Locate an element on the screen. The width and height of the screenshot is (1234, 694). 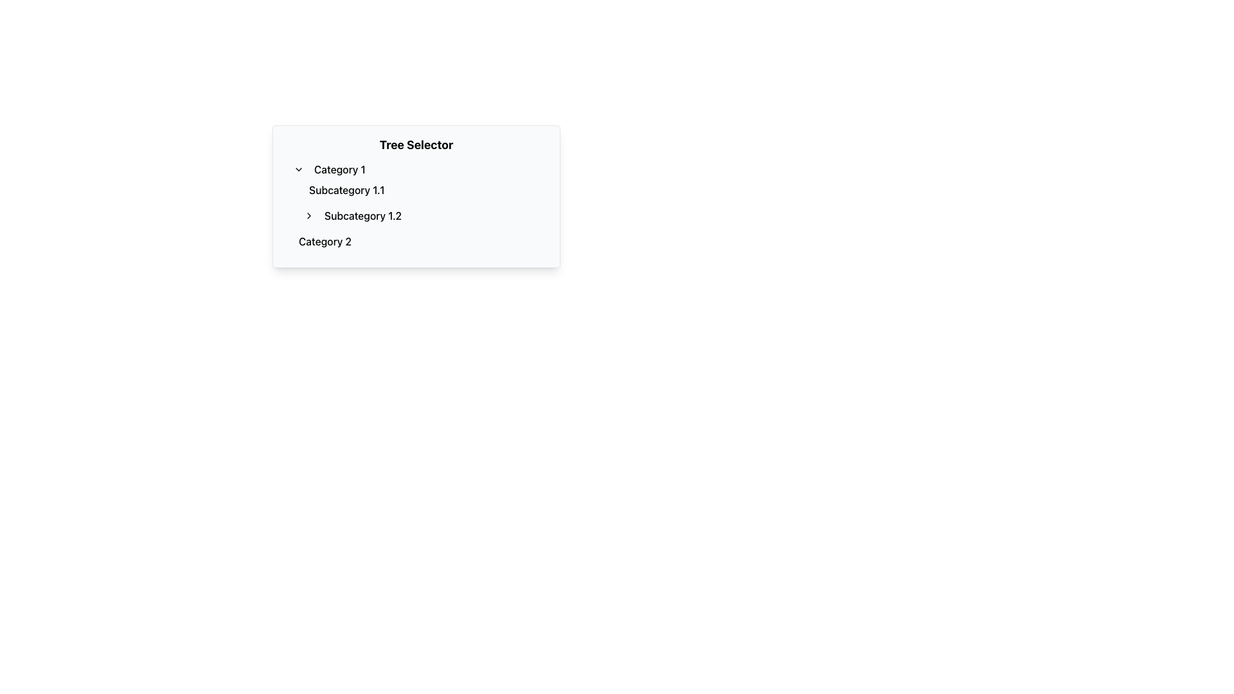
a category or subcategory from the Nested List located within the 'Tree Selector' component, positioned centrally below the title is located at coordinates (416, 205).